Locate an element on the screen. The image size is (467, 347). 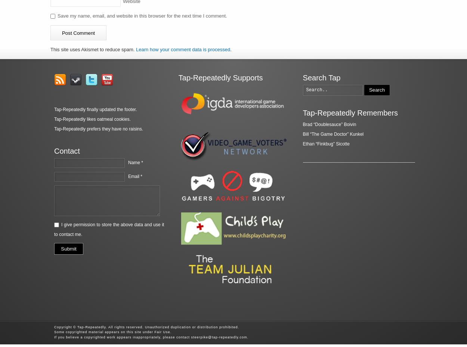
'Some copyrighted material appears on this site under Fair Use.' is located at coordinates (113, 332).